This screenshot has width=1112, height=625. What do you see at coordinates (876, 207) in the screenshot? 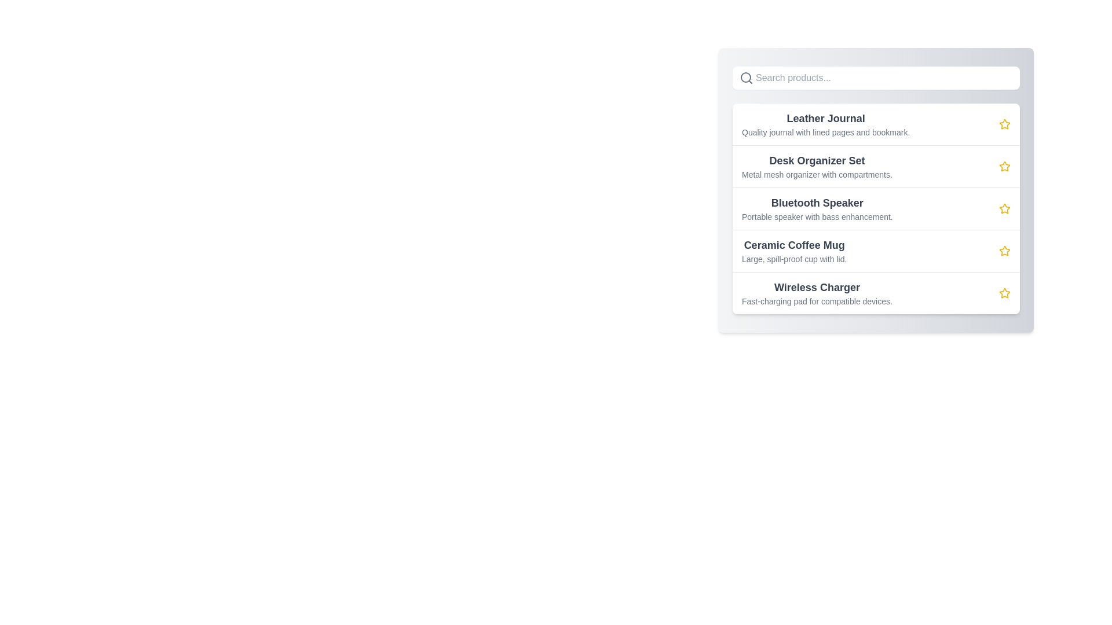
I see `the List item labeled 'Bluetooth Speaker'` at bounding box center [876, 207].